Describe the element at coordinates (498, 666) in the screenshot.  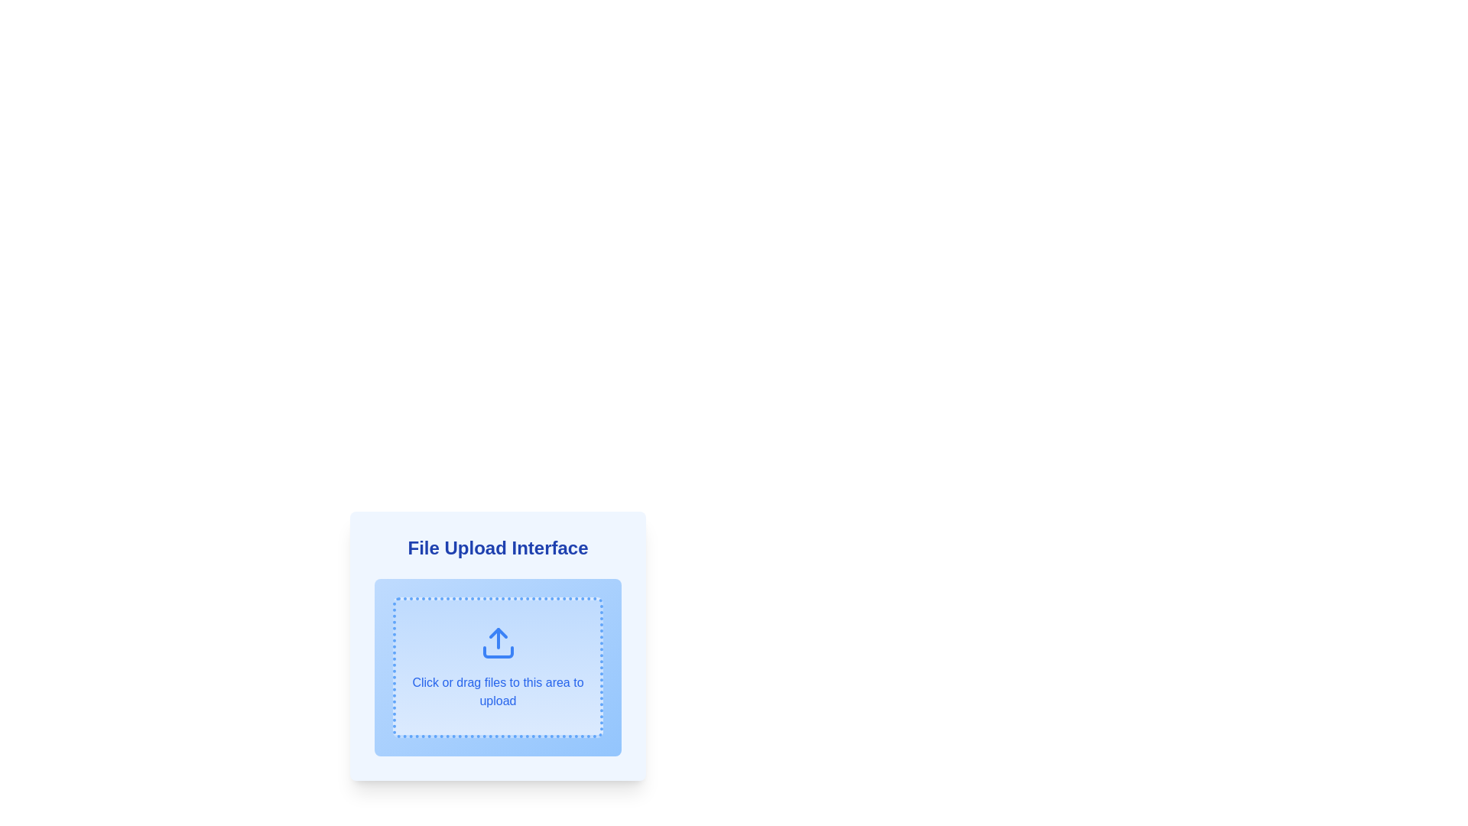
I see `a file into the interactive file upload area that has a gradient background and a dotted blue border, located centrally below the header 'File Upload Interface.'` at that location.